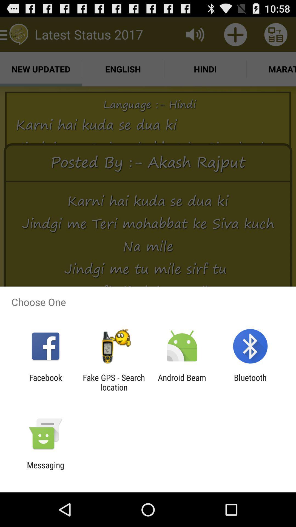 The width and height of the screenshot is (296, 527). Describe the element at coordinates (45, 382) in the screenshot. I see `facebook icon` at that location.